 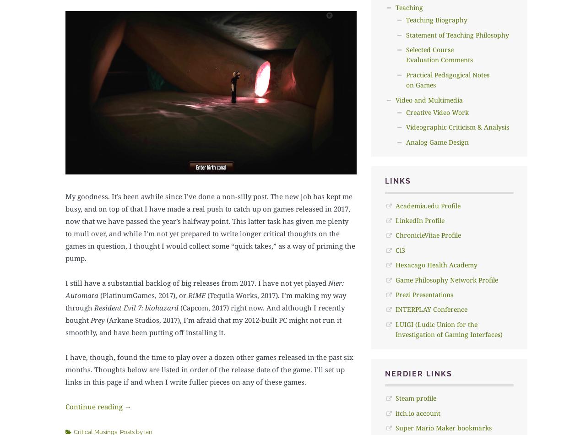 I want to click on 'LinkedIn Profile', so click(x=419, y=220).